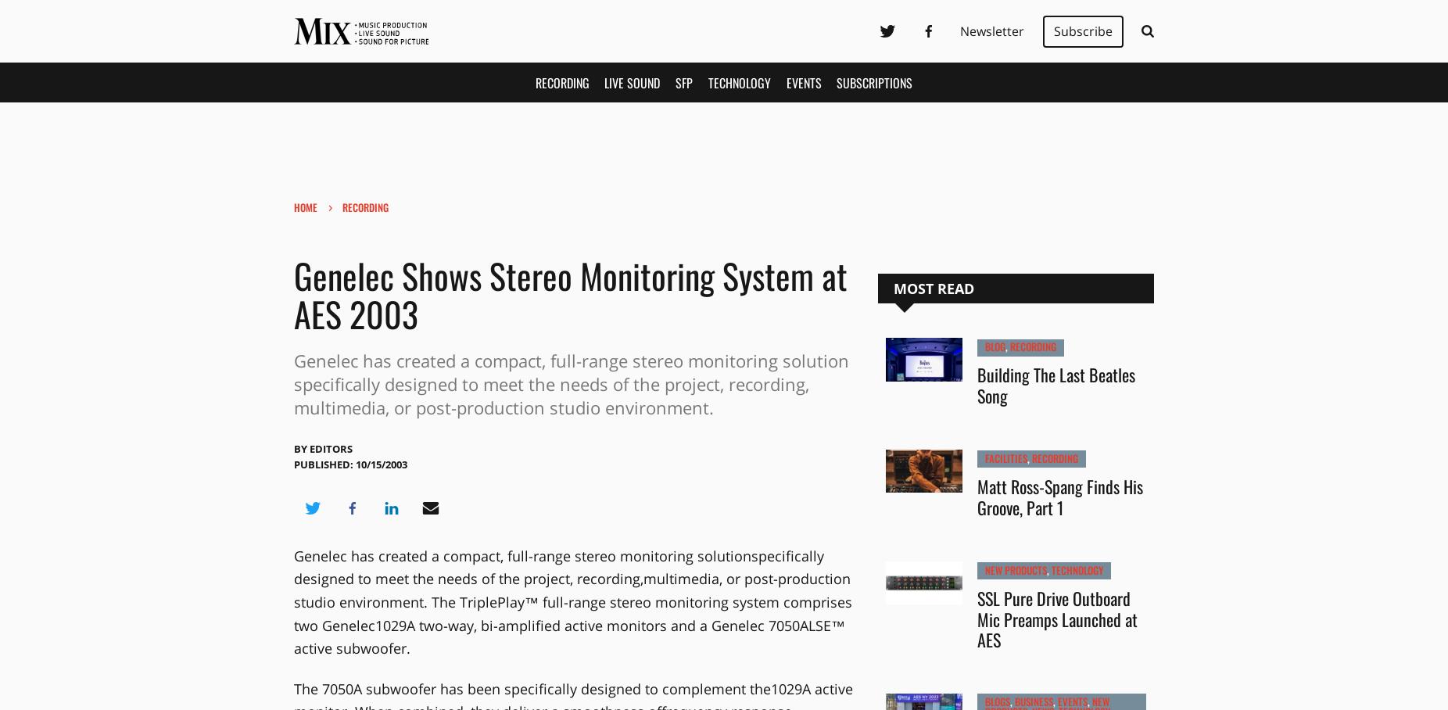  I want to click on 'Newsletter', so click(991, 31).